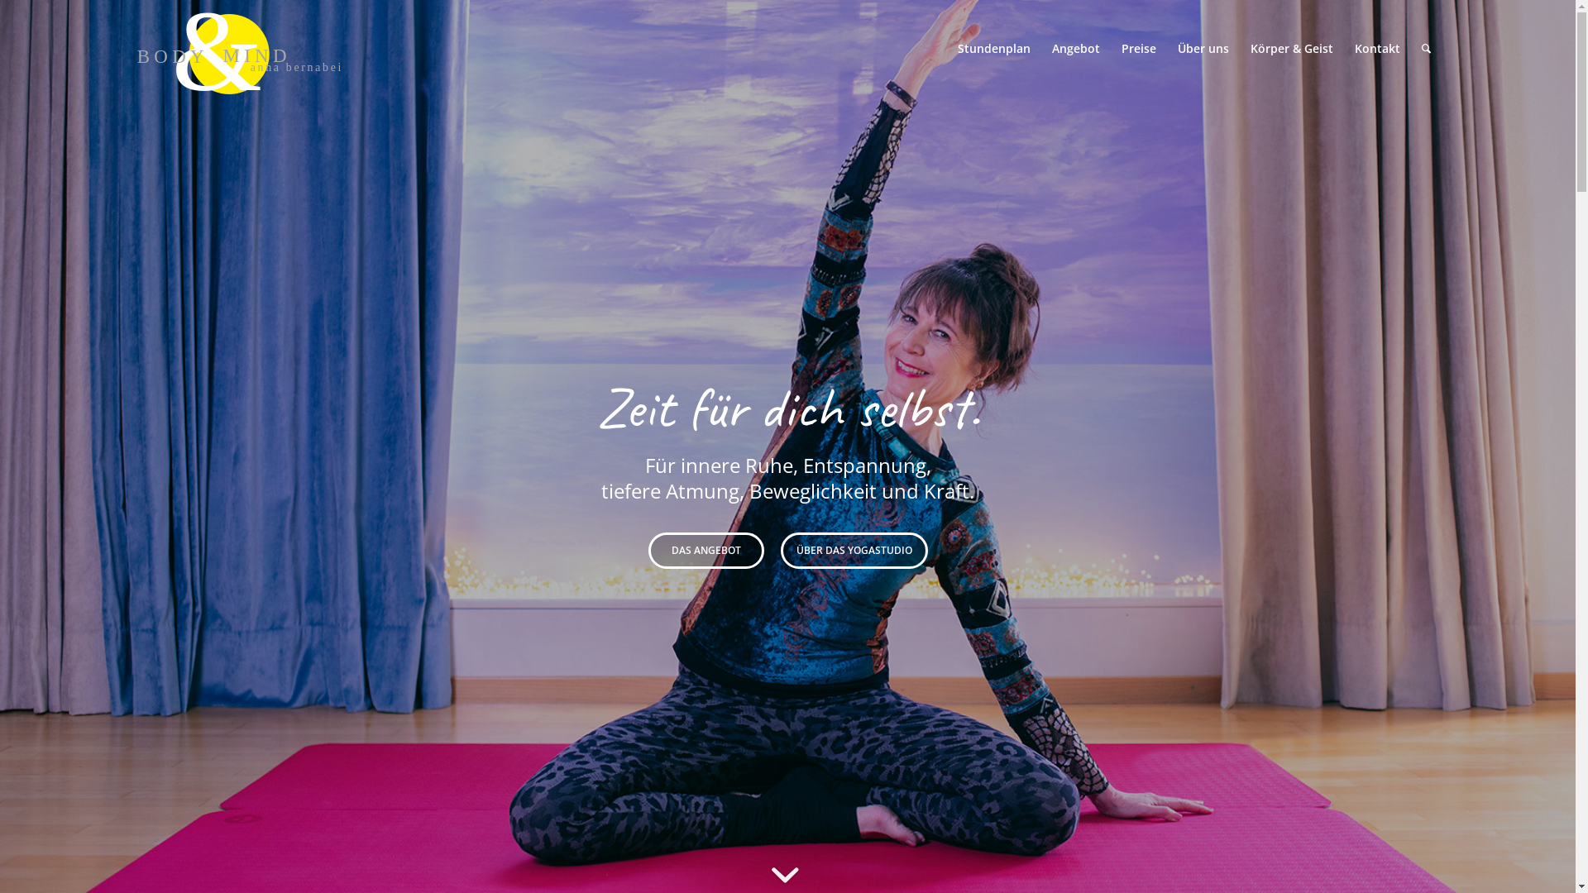  I want to click on 'Angebot', so click(1039, 47).